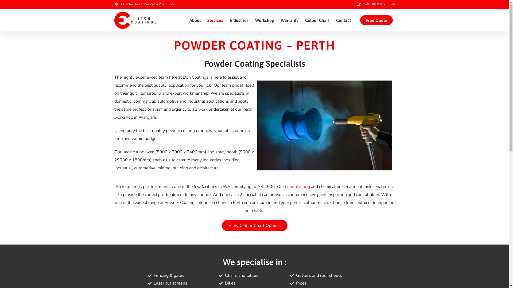  I want to click on 'About', so click(195, 20).